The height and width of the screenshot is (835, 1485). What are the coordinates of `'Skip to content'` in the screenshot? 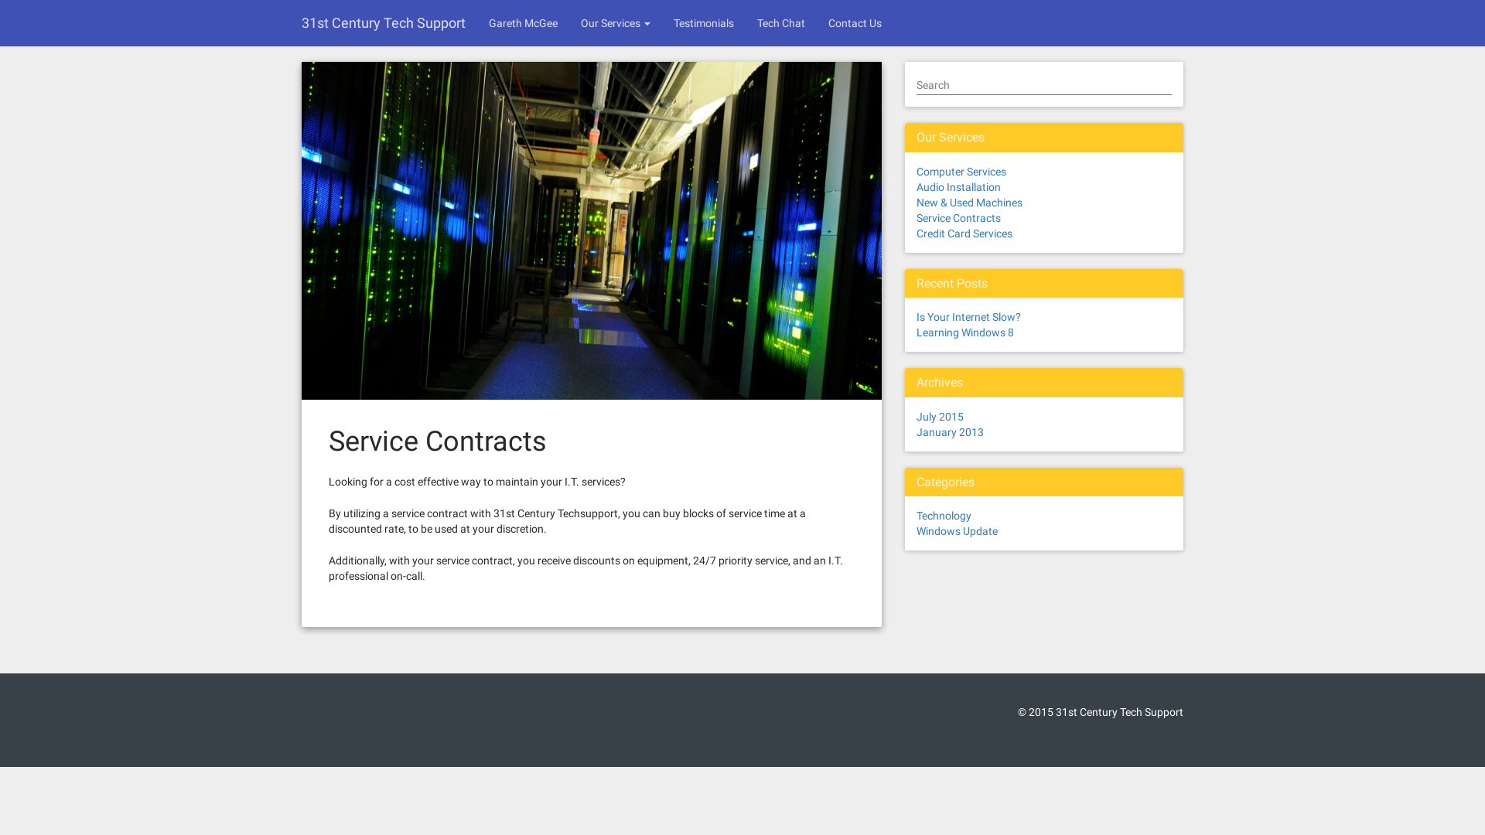 It's located at (0, 0).